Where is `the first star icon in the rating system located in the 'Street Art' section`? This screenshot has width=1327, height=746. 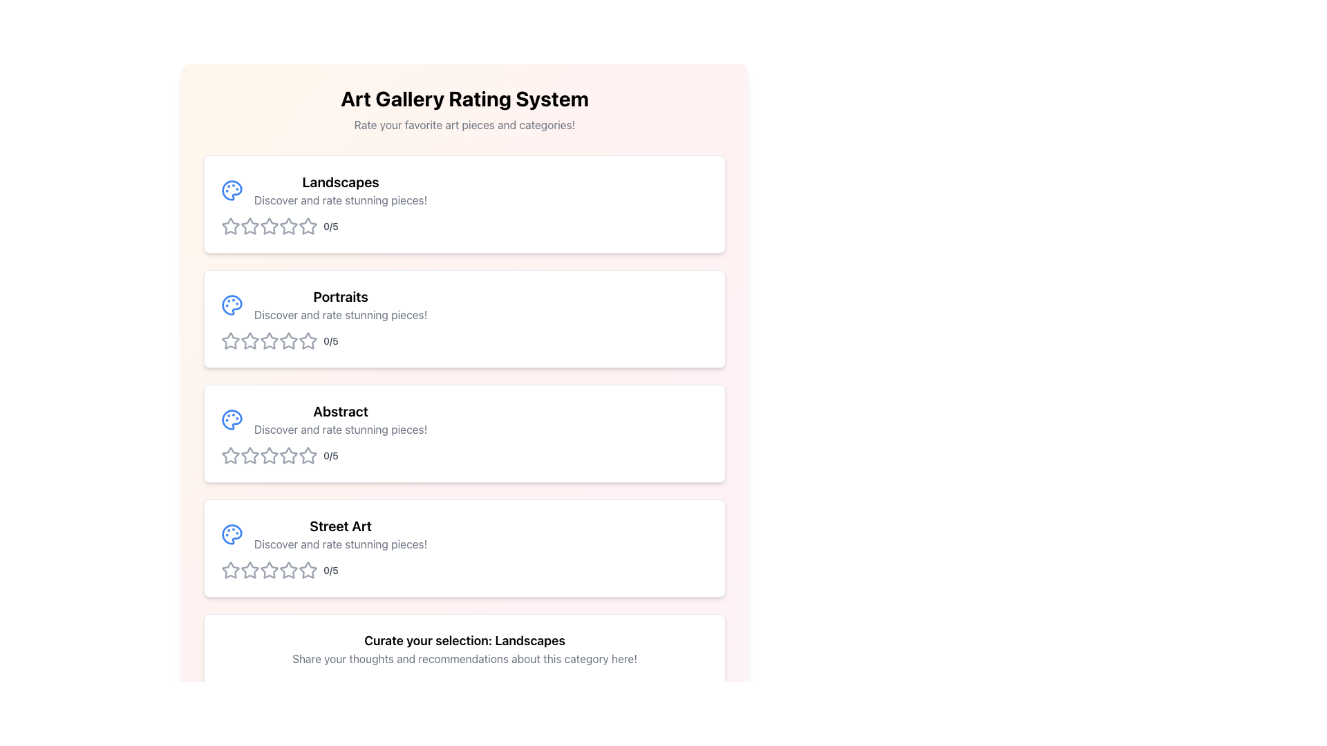 the first star icon in the rating system located in the 'Street Art' section is located at coordinates (231, 570).